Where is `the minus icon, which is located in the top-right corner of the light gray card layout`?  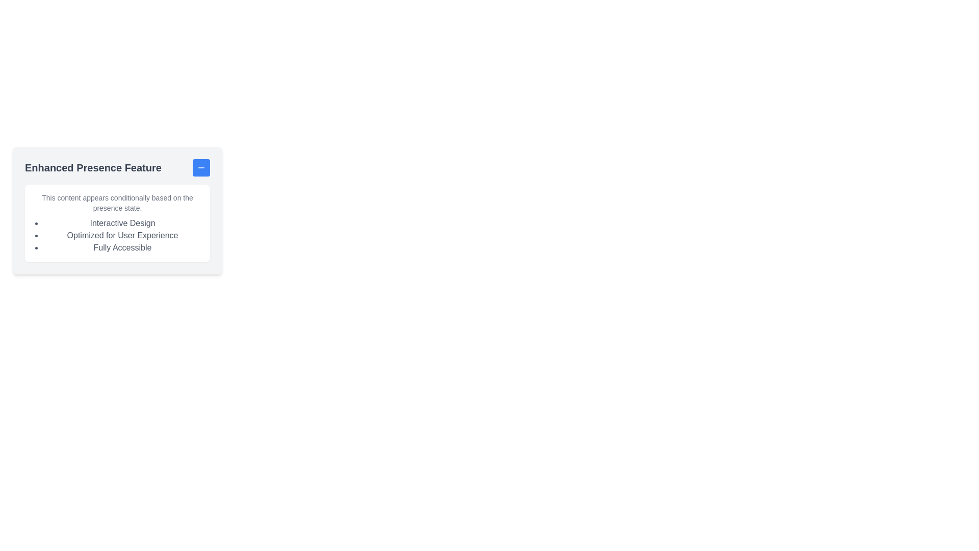 the minus icon, which is located in the top-right corner of the light gray card layout is located at coordinates (201, 167).